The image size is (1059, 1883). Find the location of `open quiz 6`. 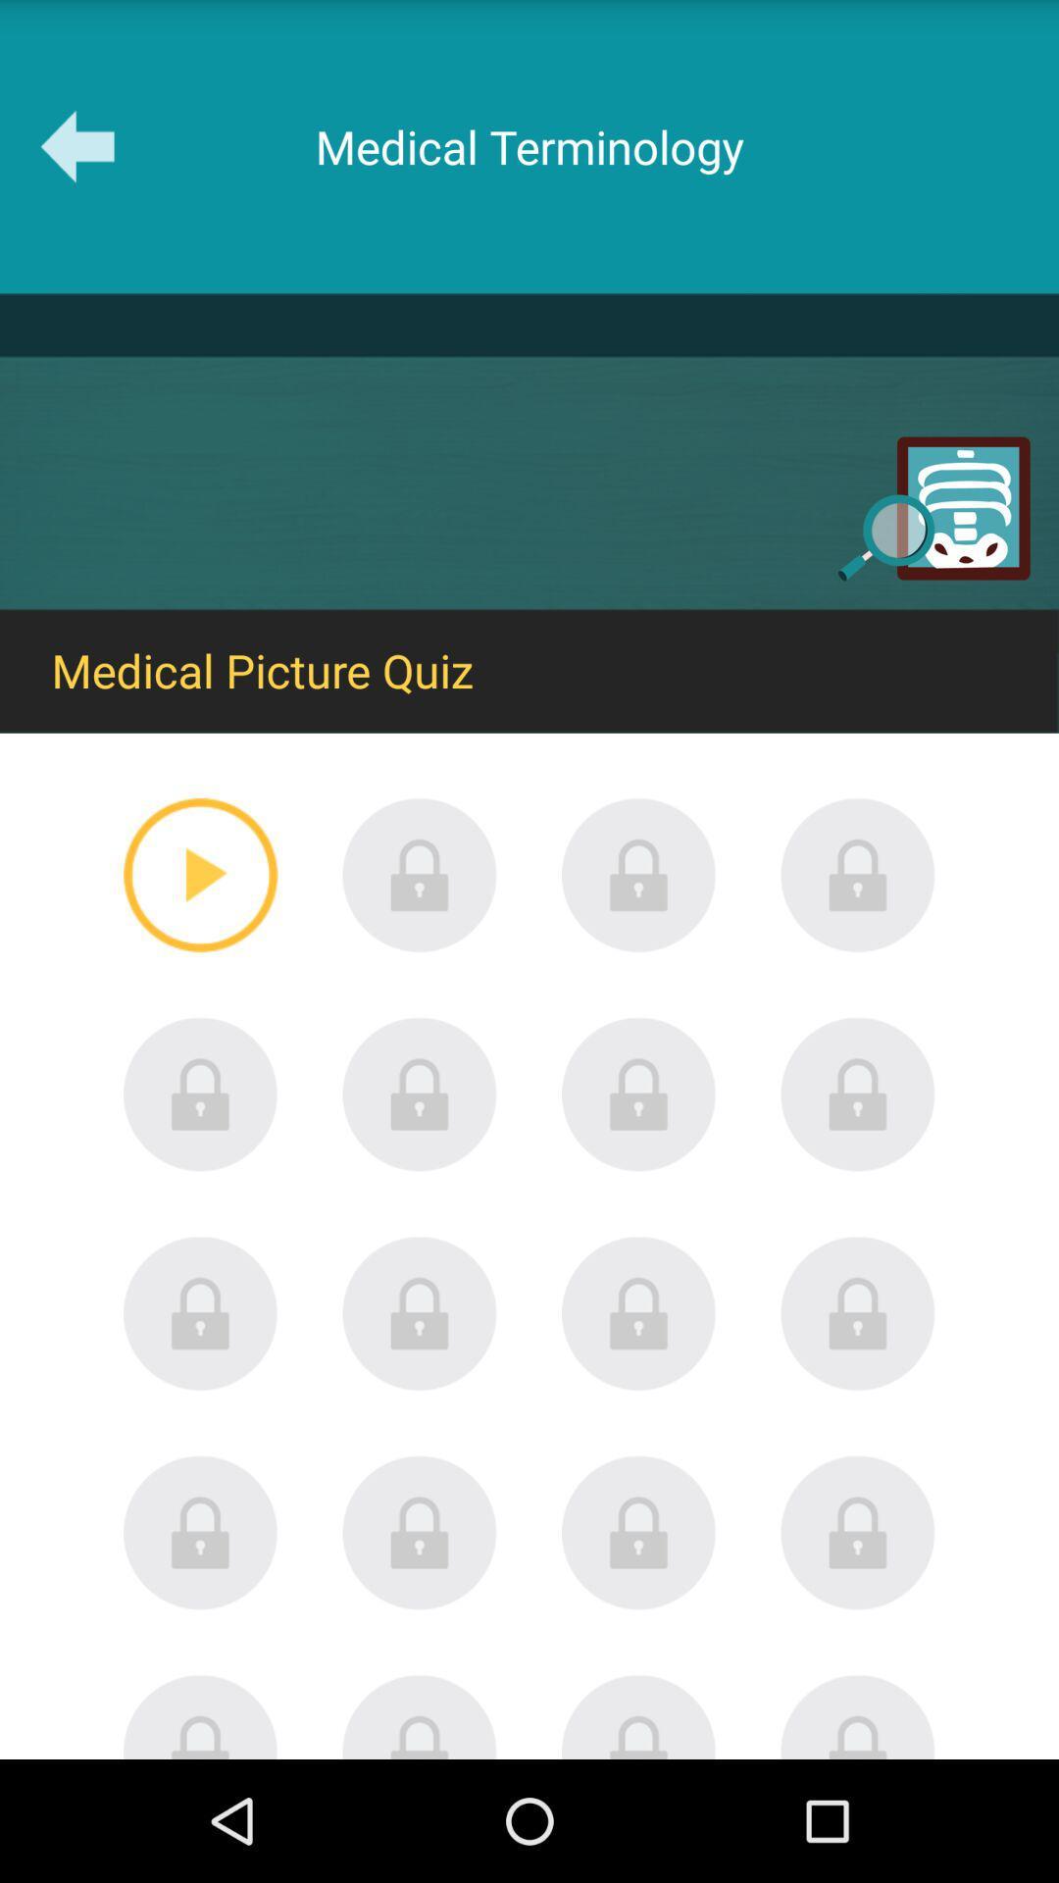

open quiz 6 is located at coordinates (419, 1094).